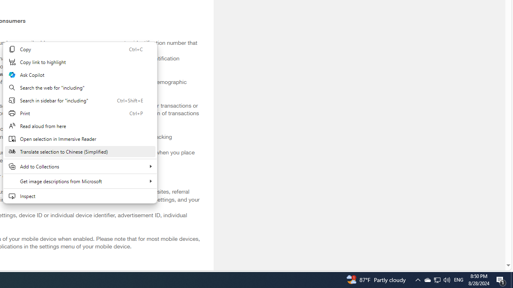 The image size is (513, 288). What do you see at coordinates (80, 196) in the screenshot?
I see `'Inspect'` at bounding box center [80, 196].